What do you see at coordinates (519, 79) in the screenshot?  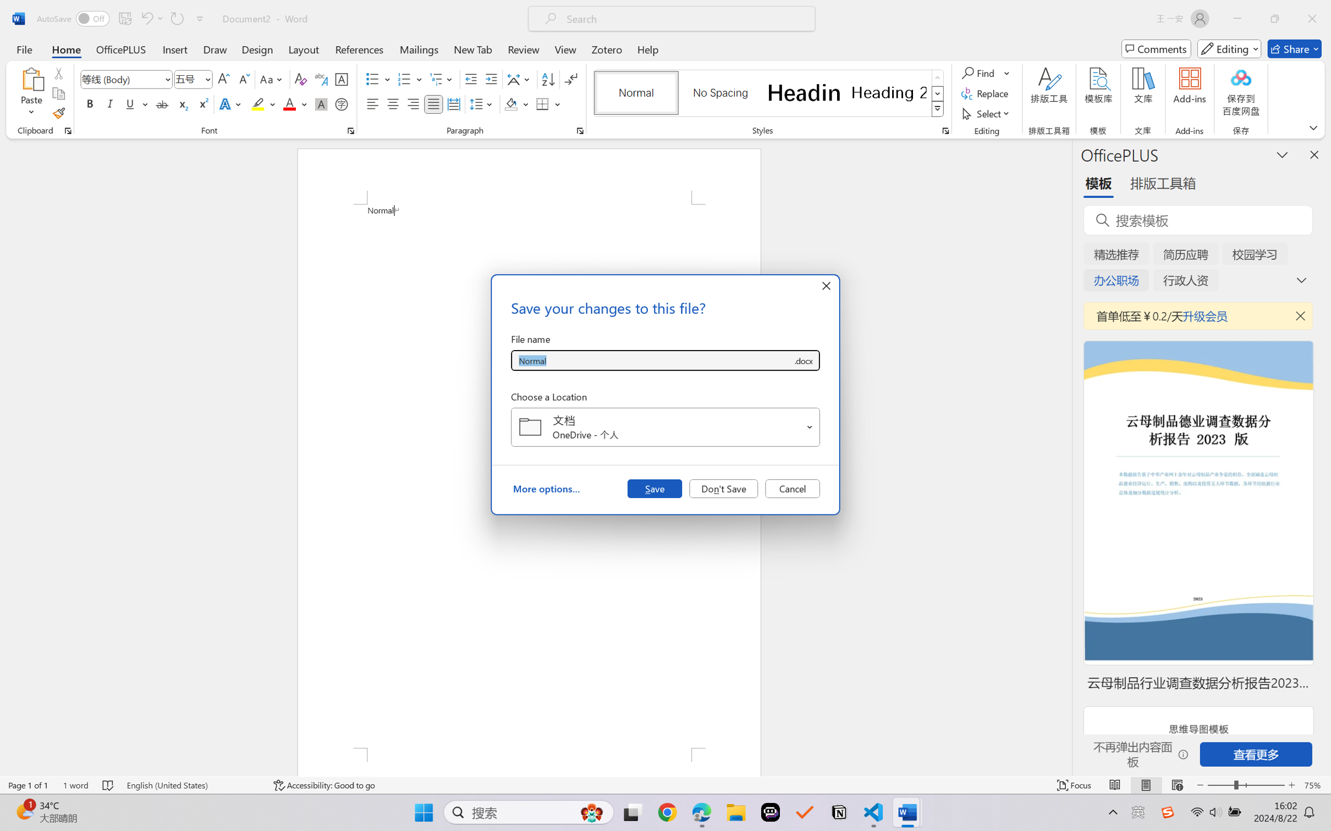 I see `'Asian Layout'` at bounding box center [519, 79].